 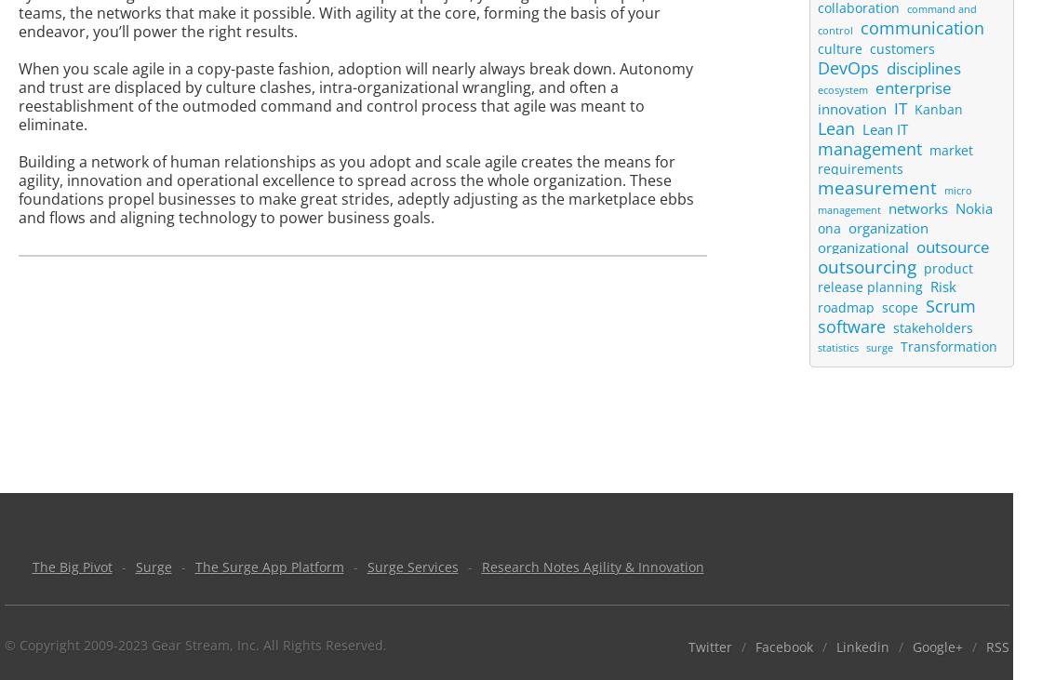 I want to click on '© Copyright 2009-2023 Gear Stream, Inc. All Rights Reserved.', so click(x=4, y=645).